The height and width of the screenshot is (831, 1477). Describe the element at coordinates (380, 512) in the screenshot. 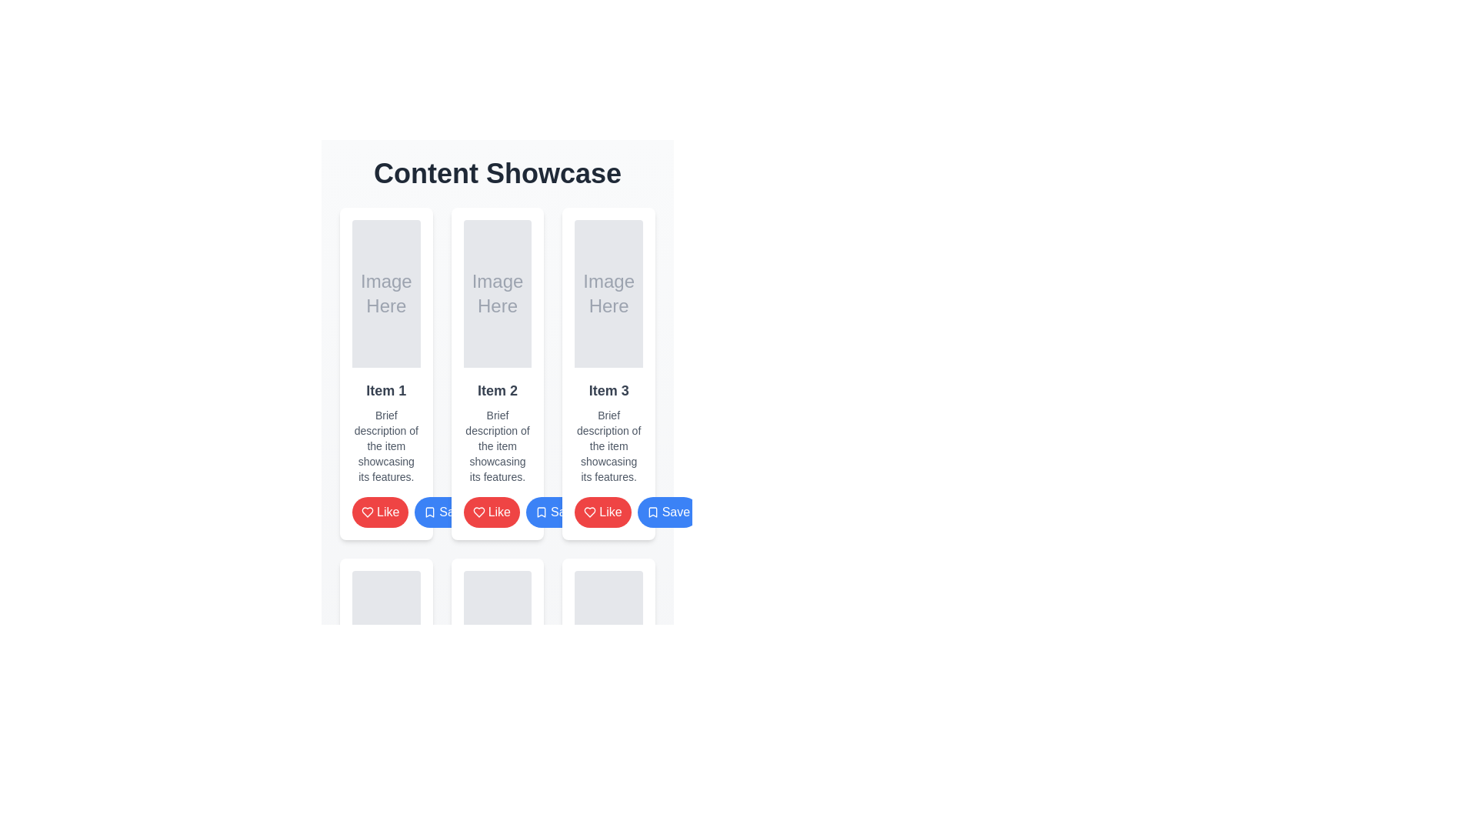

I see `the 'Like' button located at the bottom left corner of the 'Item 2' card in the second column to like the associated content` at that location.